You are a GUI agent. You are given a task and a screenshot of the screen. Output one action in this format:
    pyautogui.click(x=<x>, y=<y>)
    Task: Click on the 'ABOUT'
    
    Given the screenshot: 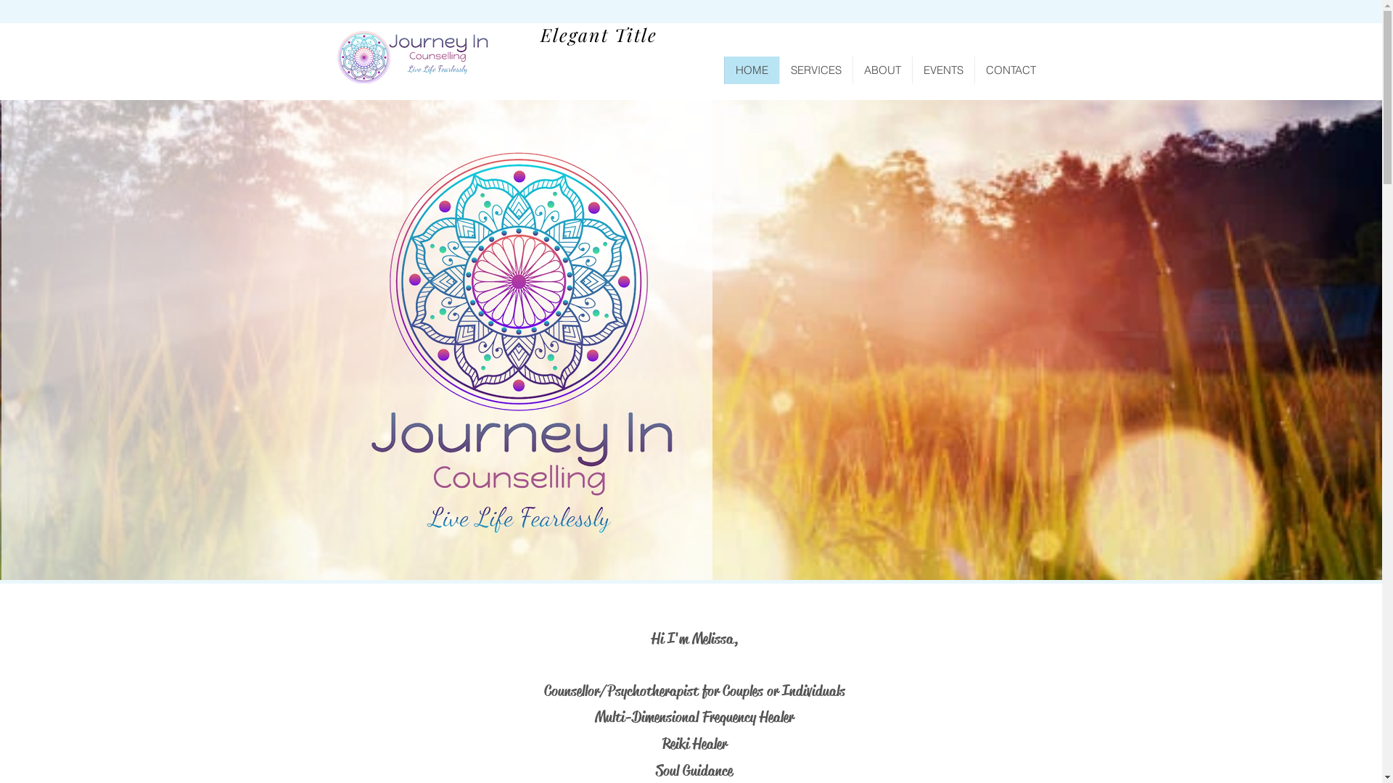 What is the action you would take?
    pyautogui.click(x=880, y=70)
    